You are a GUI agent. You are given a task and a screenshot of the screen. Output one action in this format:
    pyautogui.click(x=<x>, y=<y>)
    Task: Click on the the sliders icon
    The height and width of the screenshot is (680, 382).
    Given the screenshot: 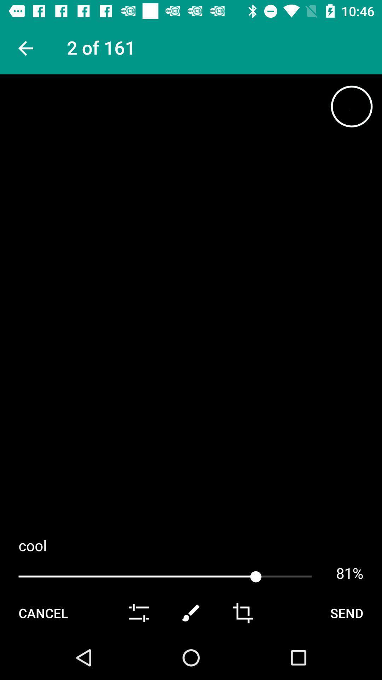 What is the action you would take?
    pyautogui.click(x=139, y=656)
    